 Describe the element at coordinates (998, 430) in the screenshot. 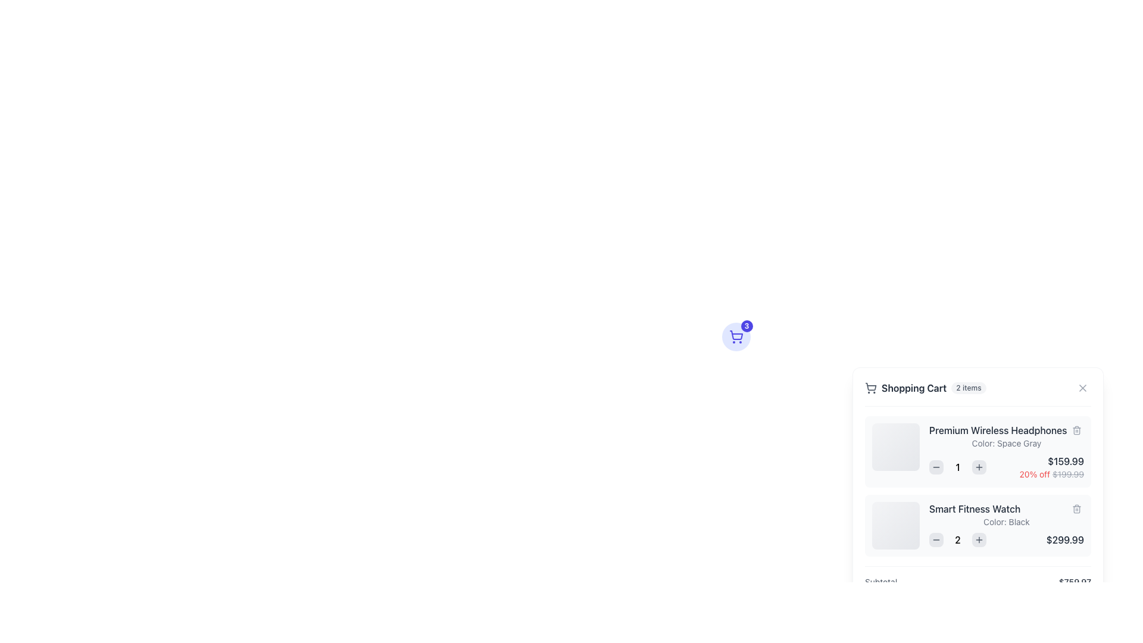

I see `the text label that describes the product in the shopping cart, located in the 'Shopping Cart' section, aligned to the left of the trash icon and above the color descriptor line` at that location.